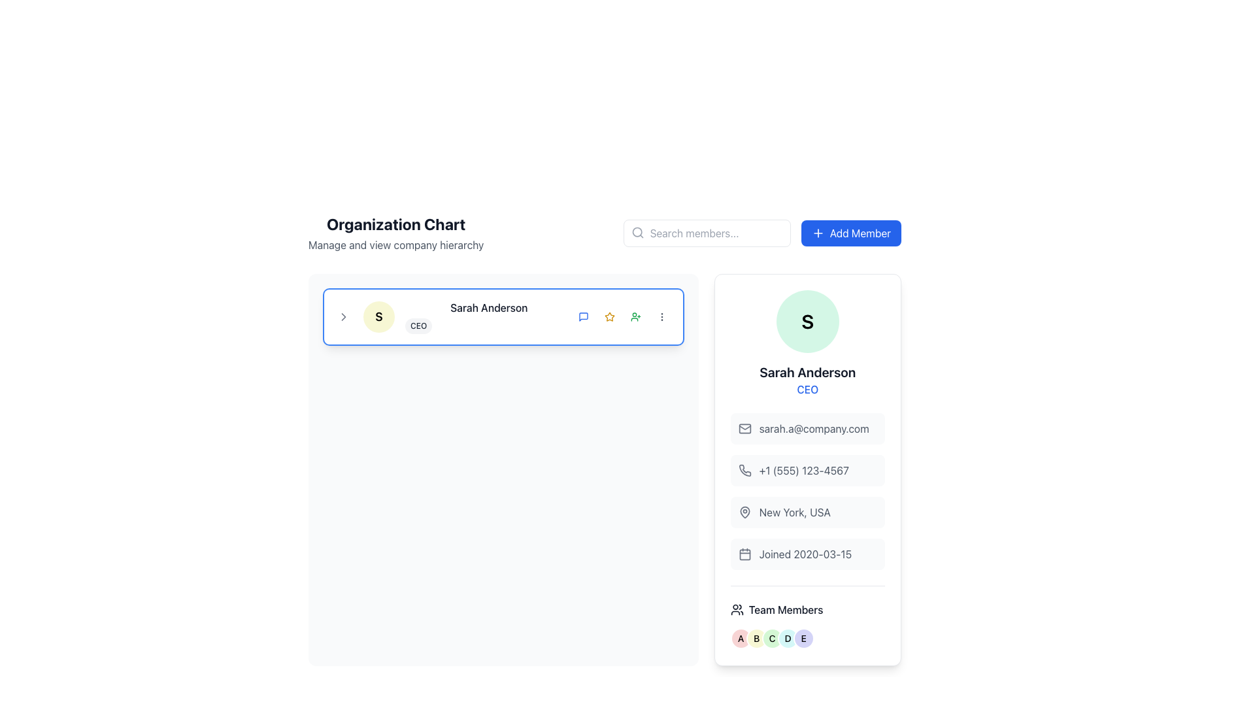 The height and width of the screenshot is (706, 1255). I want to click on the Text display that shows the name 'Sarah Anderson', located centrally within a horizontal card with a blue border, to visually identify the individual, so click(488, 317).